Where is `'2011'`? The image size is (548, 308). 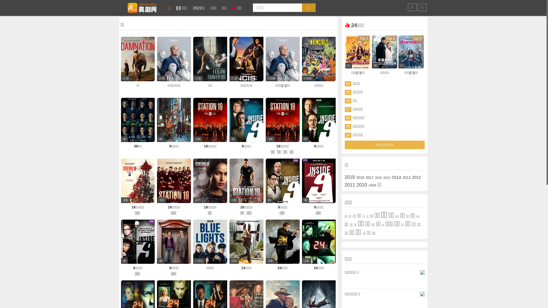
'2011' is located at coordinates (350, 185).